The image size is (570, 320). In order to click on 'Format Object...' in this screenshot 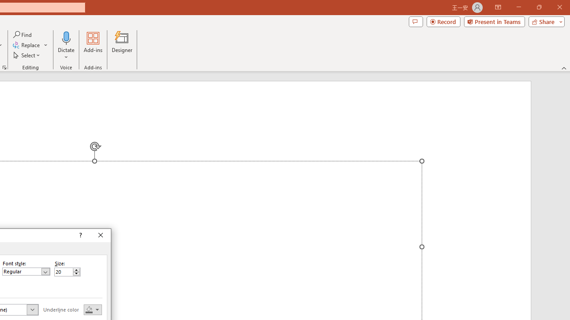, I will do `click(4, 67)`.